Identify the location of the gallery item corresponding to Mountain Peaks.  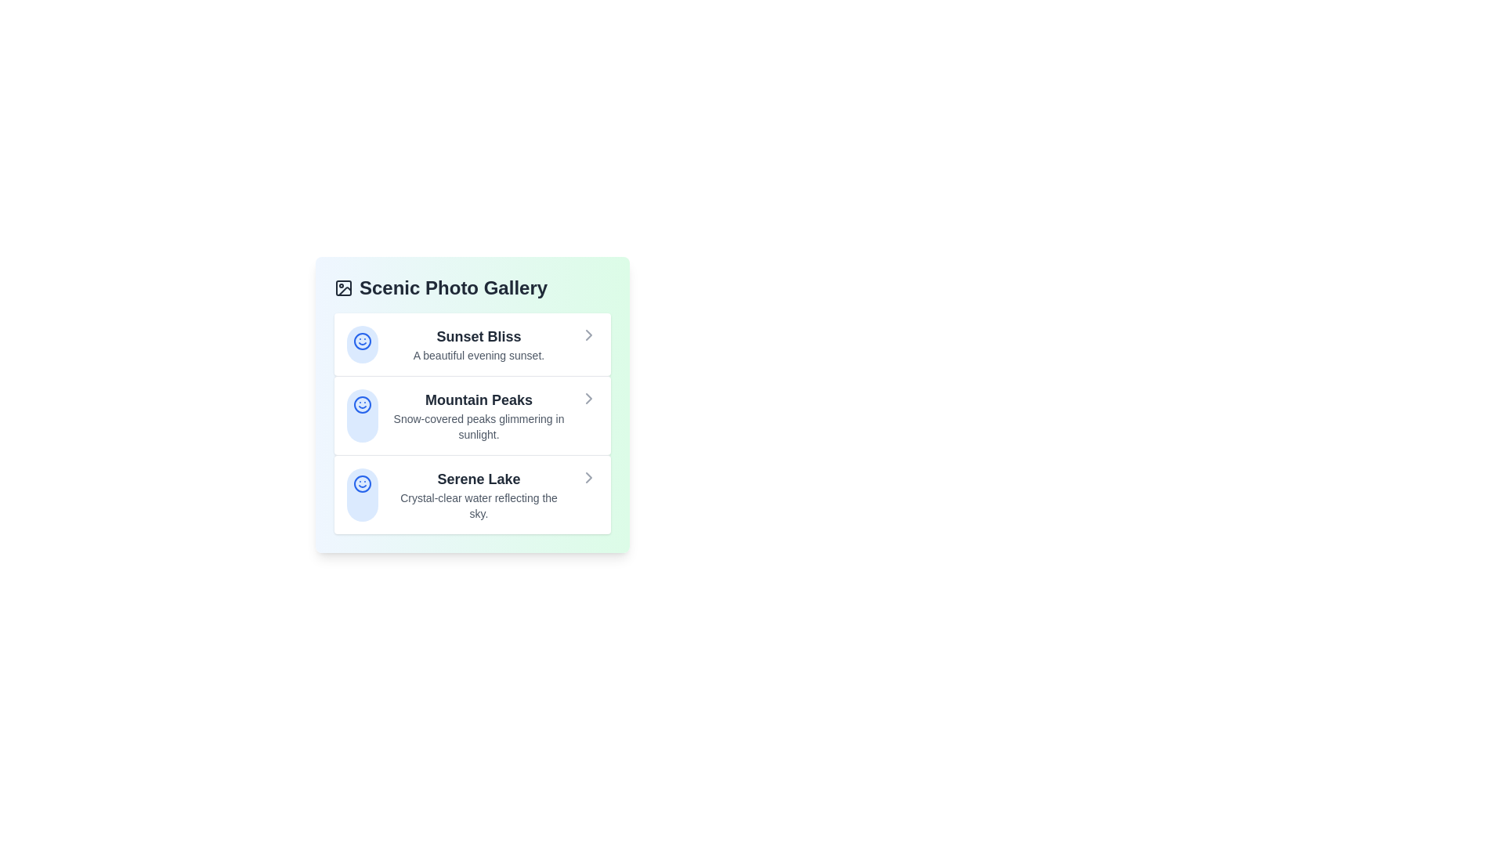
(472, 414).